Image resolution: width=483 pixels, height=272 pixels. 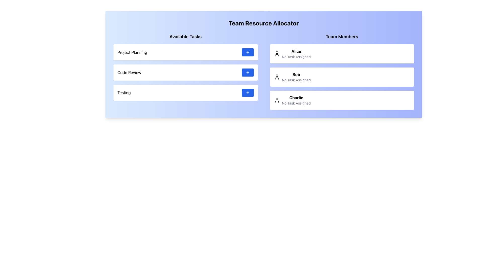 What do you see at coordinates (248, 73) in the screenshot?
I see `the plus sign icon within the blue rounded rectangle button adjacent to the 'Code Review' text in the 'Available Tasks' column` at bounding box center [248, 73].